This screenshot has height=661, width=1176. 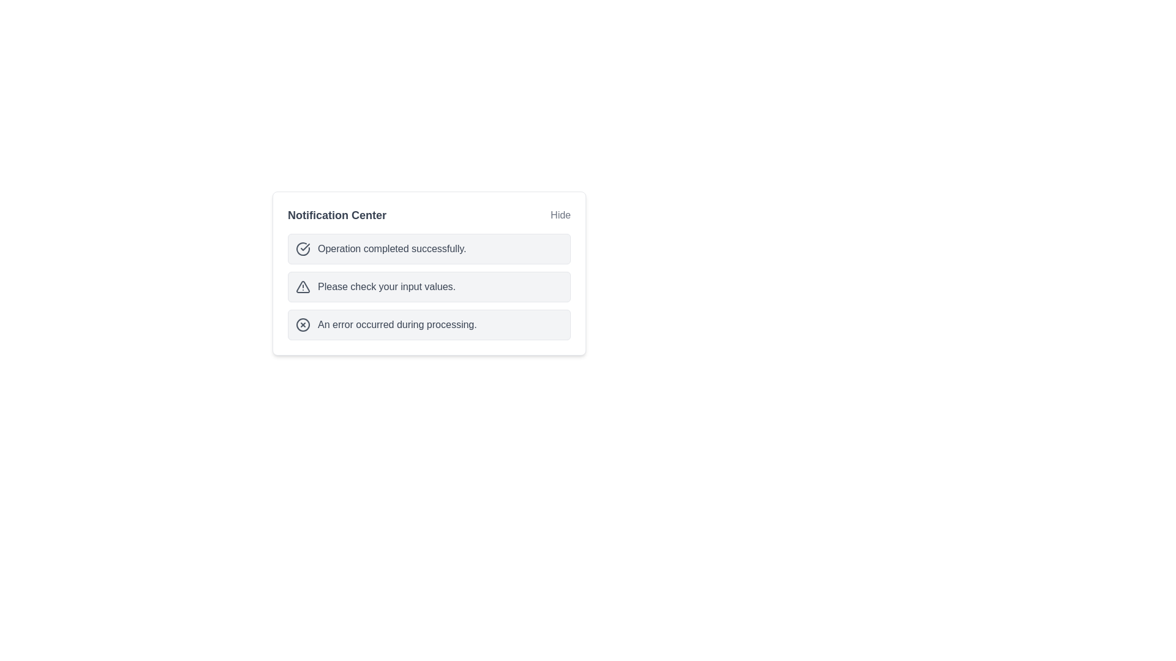 What do you see at coordinates (429, 287) in the screenshot?
I see `the notification list displayed in the 'Notification Center' card, which includes messages about operation status, input values, and error processing` at bounding box center [429, 287].